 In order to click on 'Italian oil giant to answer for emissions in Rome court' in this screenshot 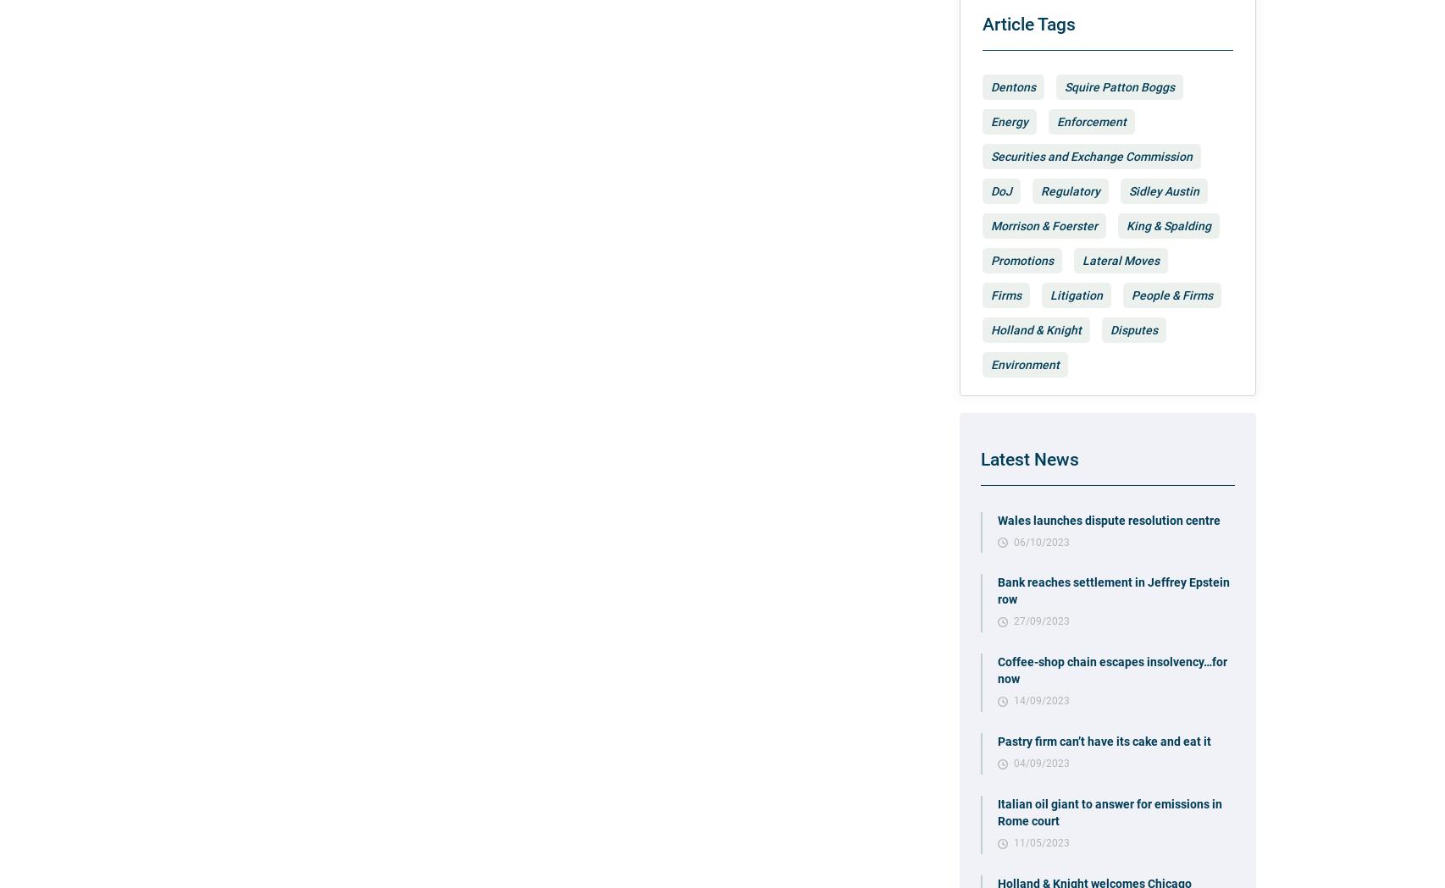, I will do `click(1109, 811)`.